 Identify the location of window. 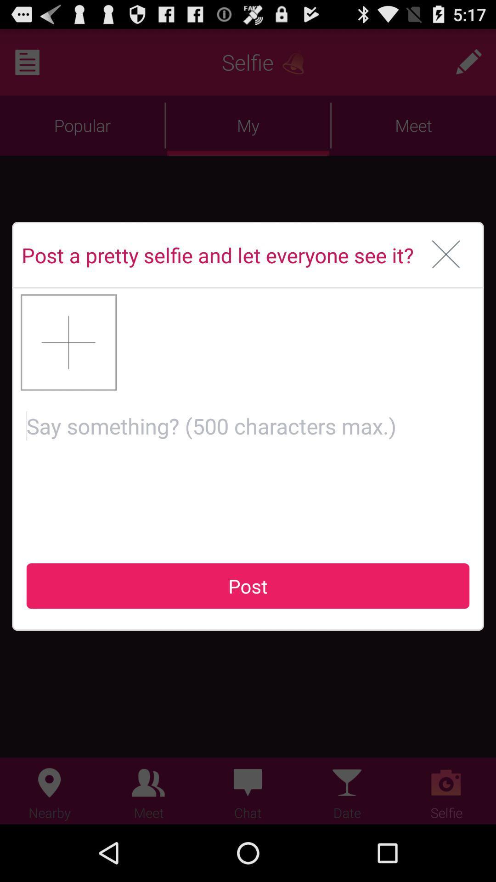
(445, 255).